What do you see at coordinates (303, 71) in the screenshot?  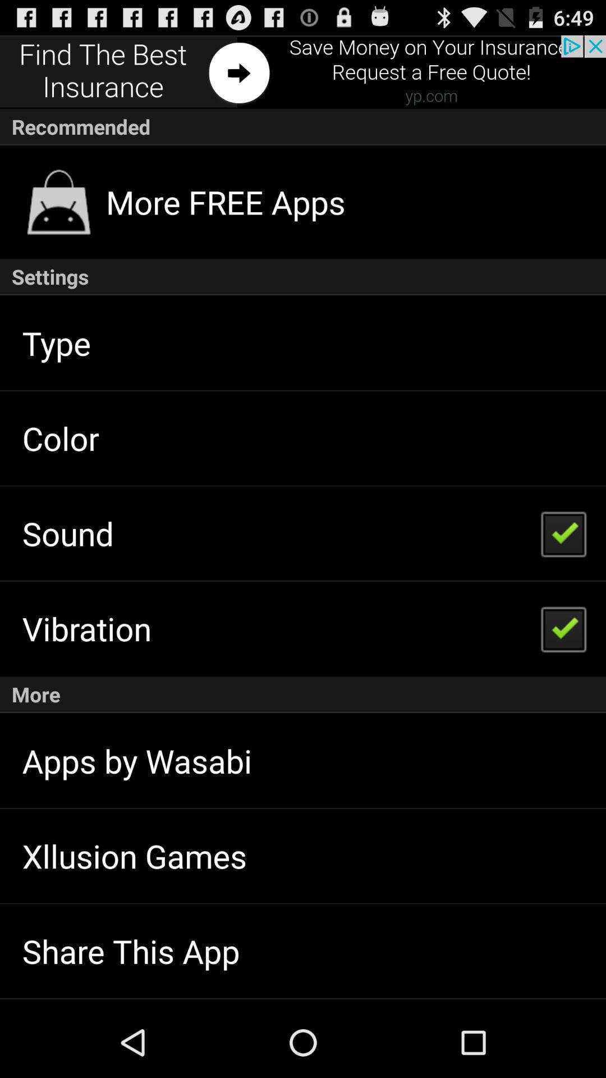 I see `the add` at bounding box center [303, 71].